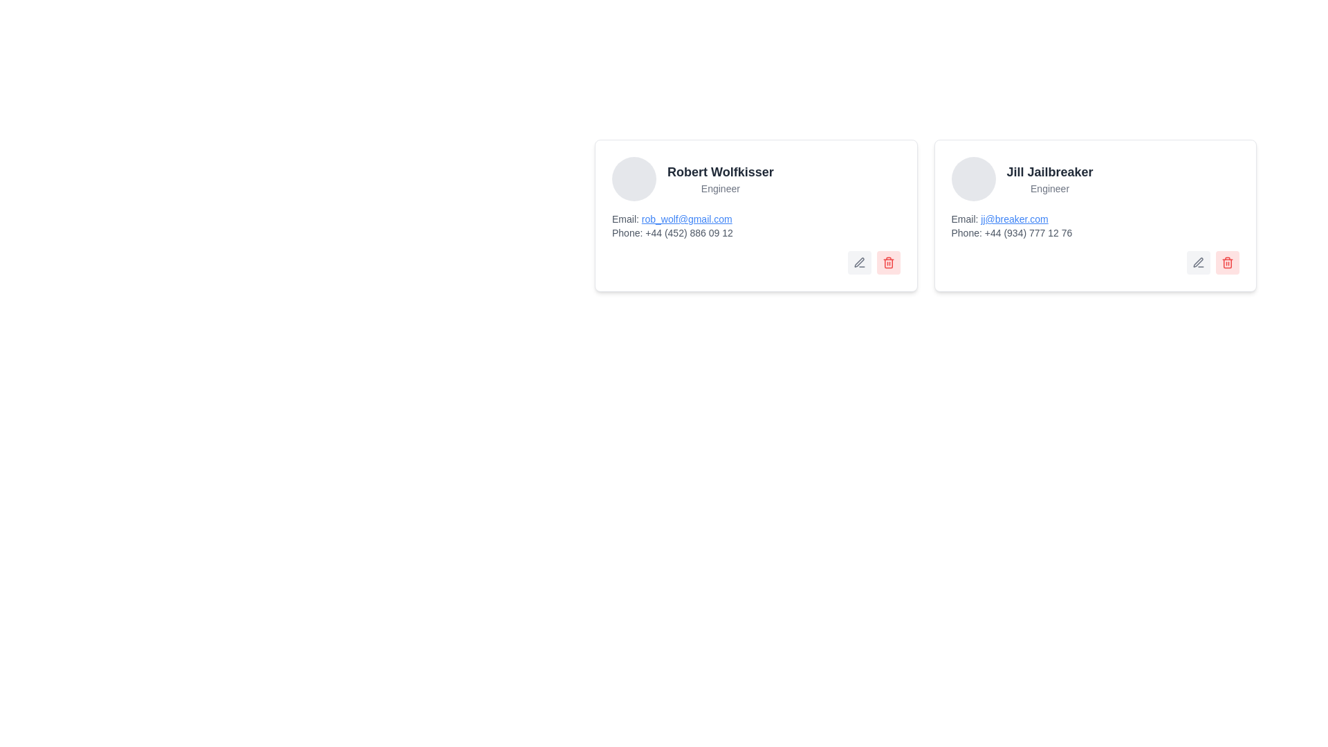  Describe the element at coordinates (1015, 218) in the screenshot. I see `the hyperlink labeled 'Email:' that redirects to 'jj@breaker.com' in the card for 'Jill Jailbreaker, Engineer'` at that location.